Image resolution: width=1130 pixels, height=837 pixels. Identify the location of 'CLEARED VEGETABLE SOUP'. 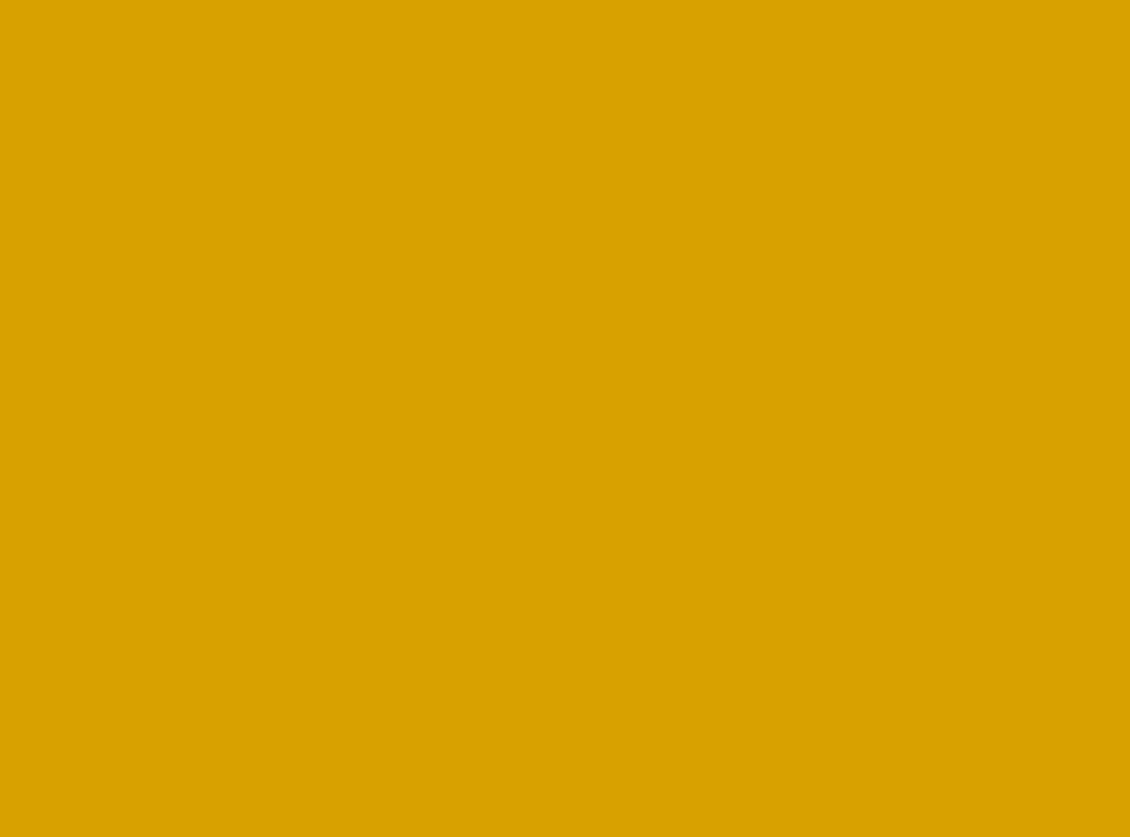
(279, 593).